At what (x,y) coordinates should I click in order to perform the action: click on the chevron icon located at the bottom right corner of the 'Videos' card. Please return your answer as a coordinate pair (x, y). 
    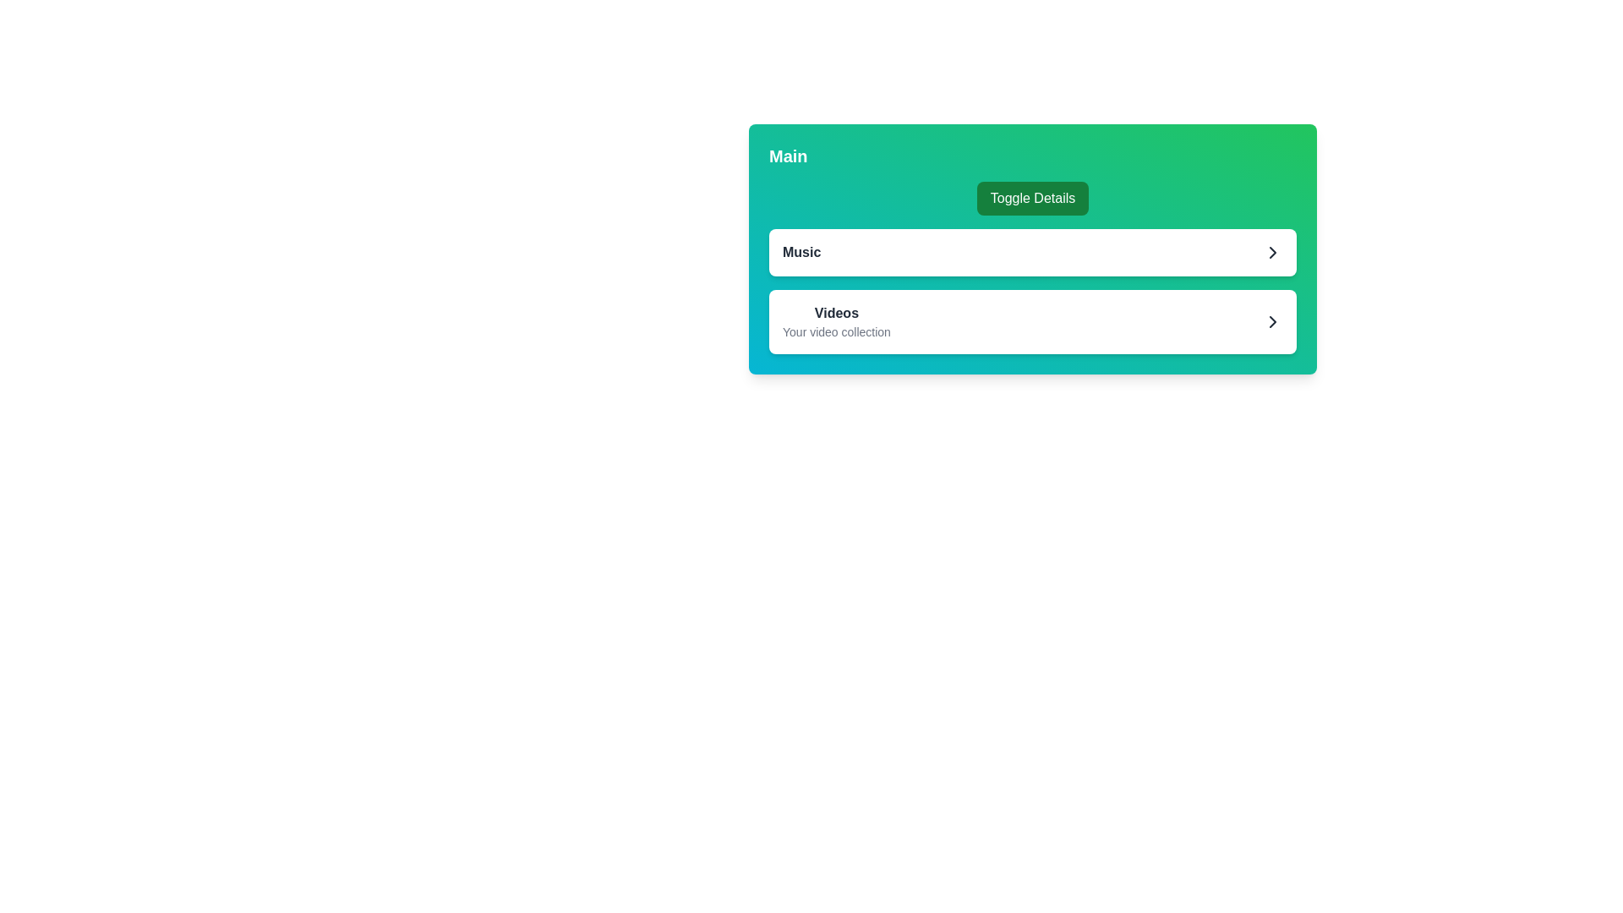
    Looking at the image, I should click on (1273, 322).